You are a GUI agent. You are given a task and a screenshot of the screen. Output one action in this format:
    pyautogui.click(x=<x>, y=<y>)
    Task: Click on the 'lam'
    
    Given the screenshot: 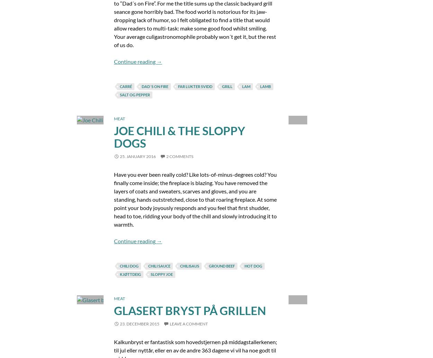 What is the action you would take?
    pyautogui.click(x=245, y=86)
    